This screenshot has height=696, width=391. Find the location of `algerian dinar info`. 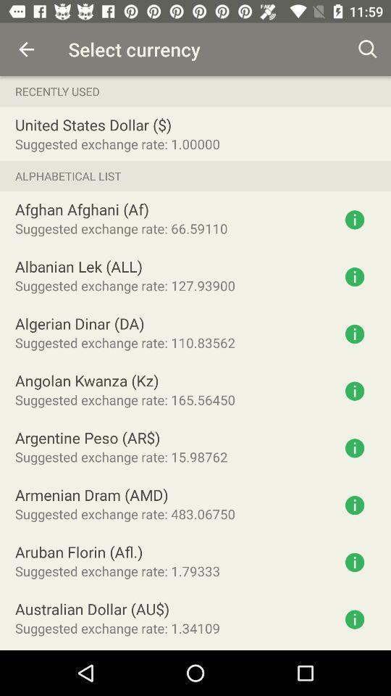

algerian dinar info is located at coordinates (354, 333).